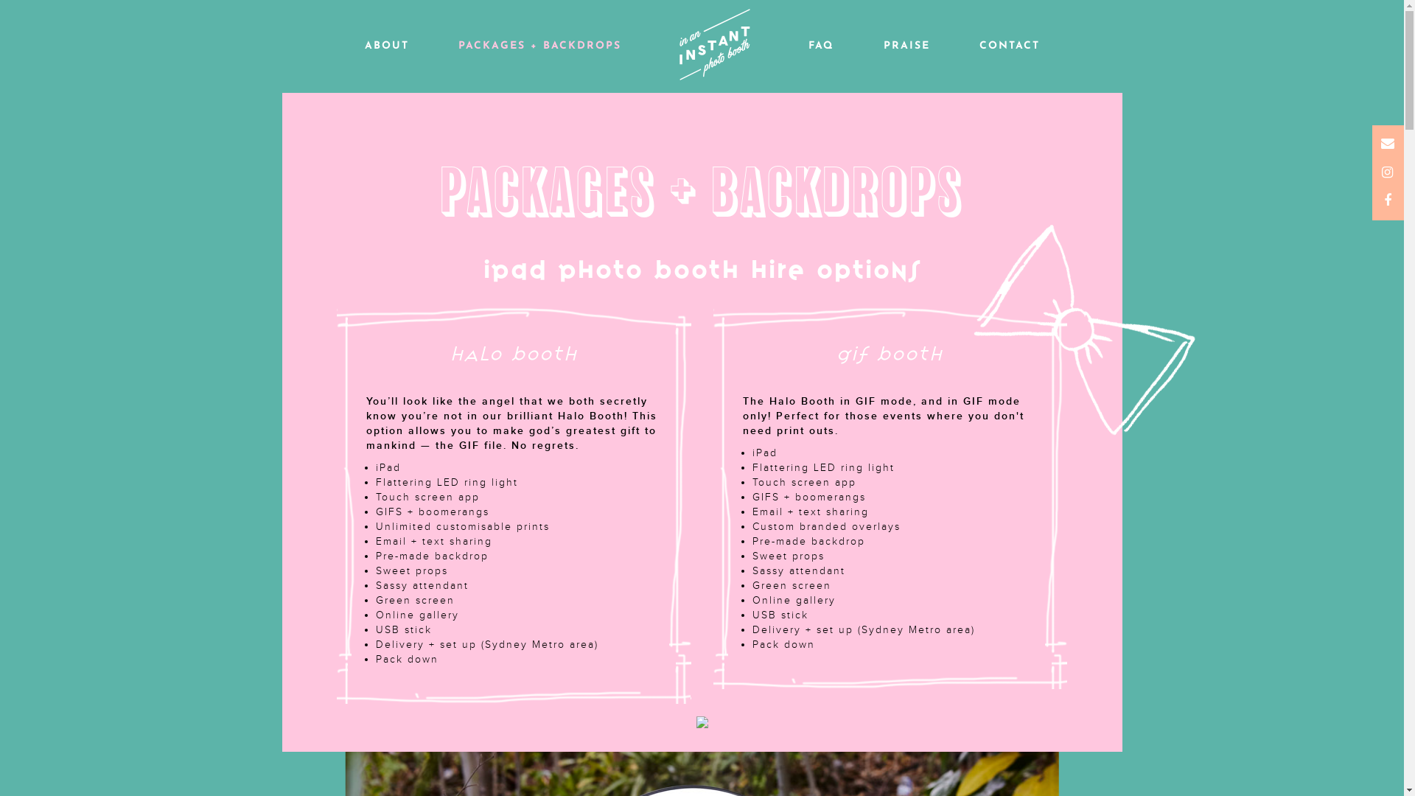  What do you see at coordinates (820, 45) in the screenshot?
I see `'FAQ'` at bounding box center [820, 45].